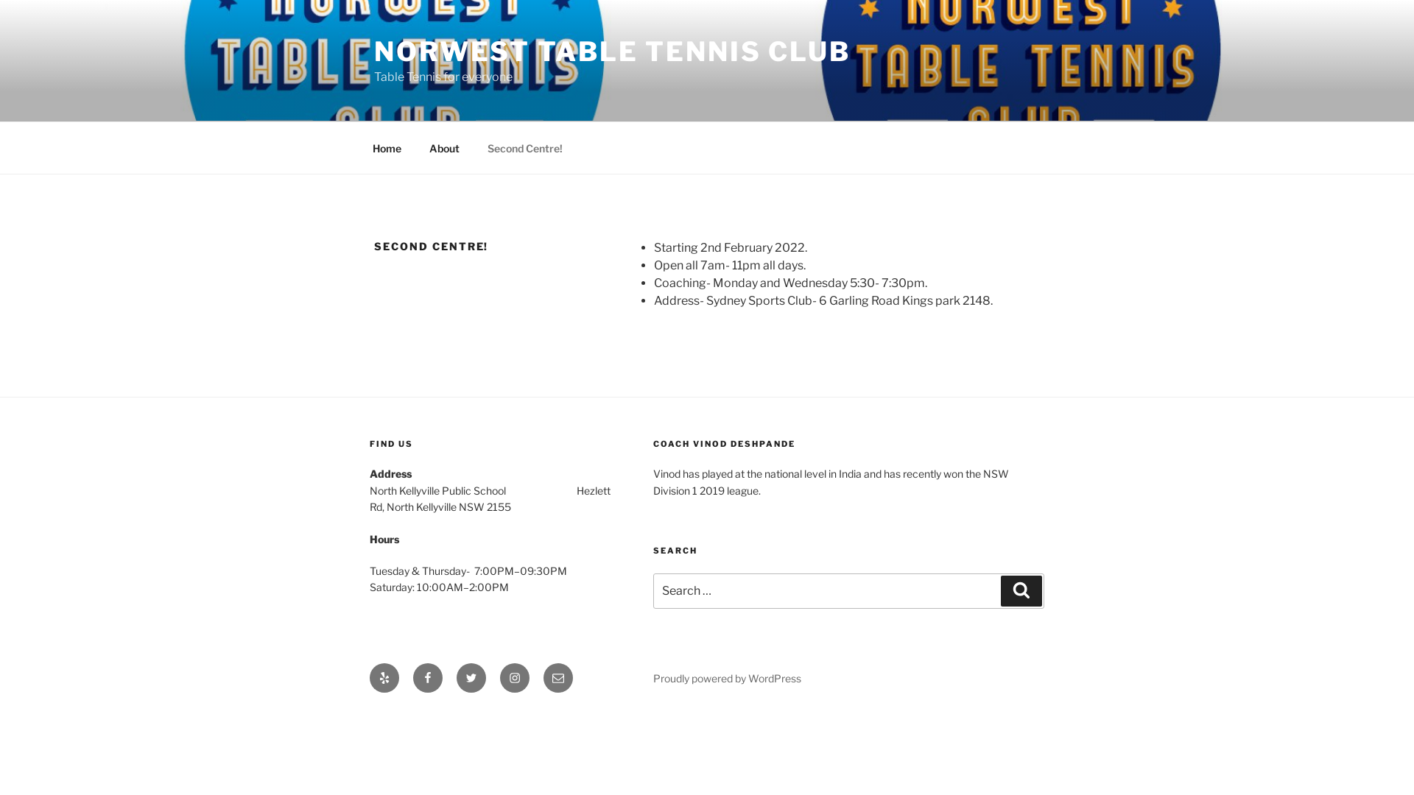 Image resolution: width=1414 pixels, height=795 pixels. What do you see at coordinates (727, 678) in the screenshot?
I see `'Proudly powered by WordPress'` at bounding box center [727, 678].